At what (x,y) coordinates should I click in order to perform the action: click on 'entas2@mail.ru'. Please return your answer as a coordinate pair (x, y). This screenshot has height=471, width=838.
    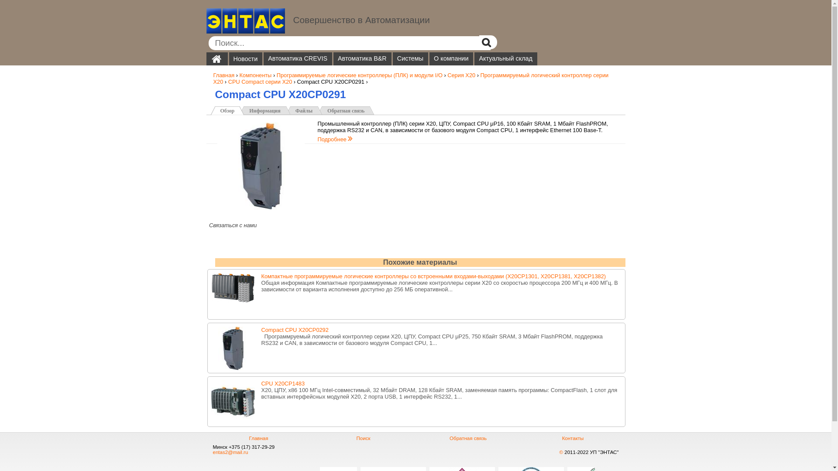
    Looking at the image, I should click on (230, 452).